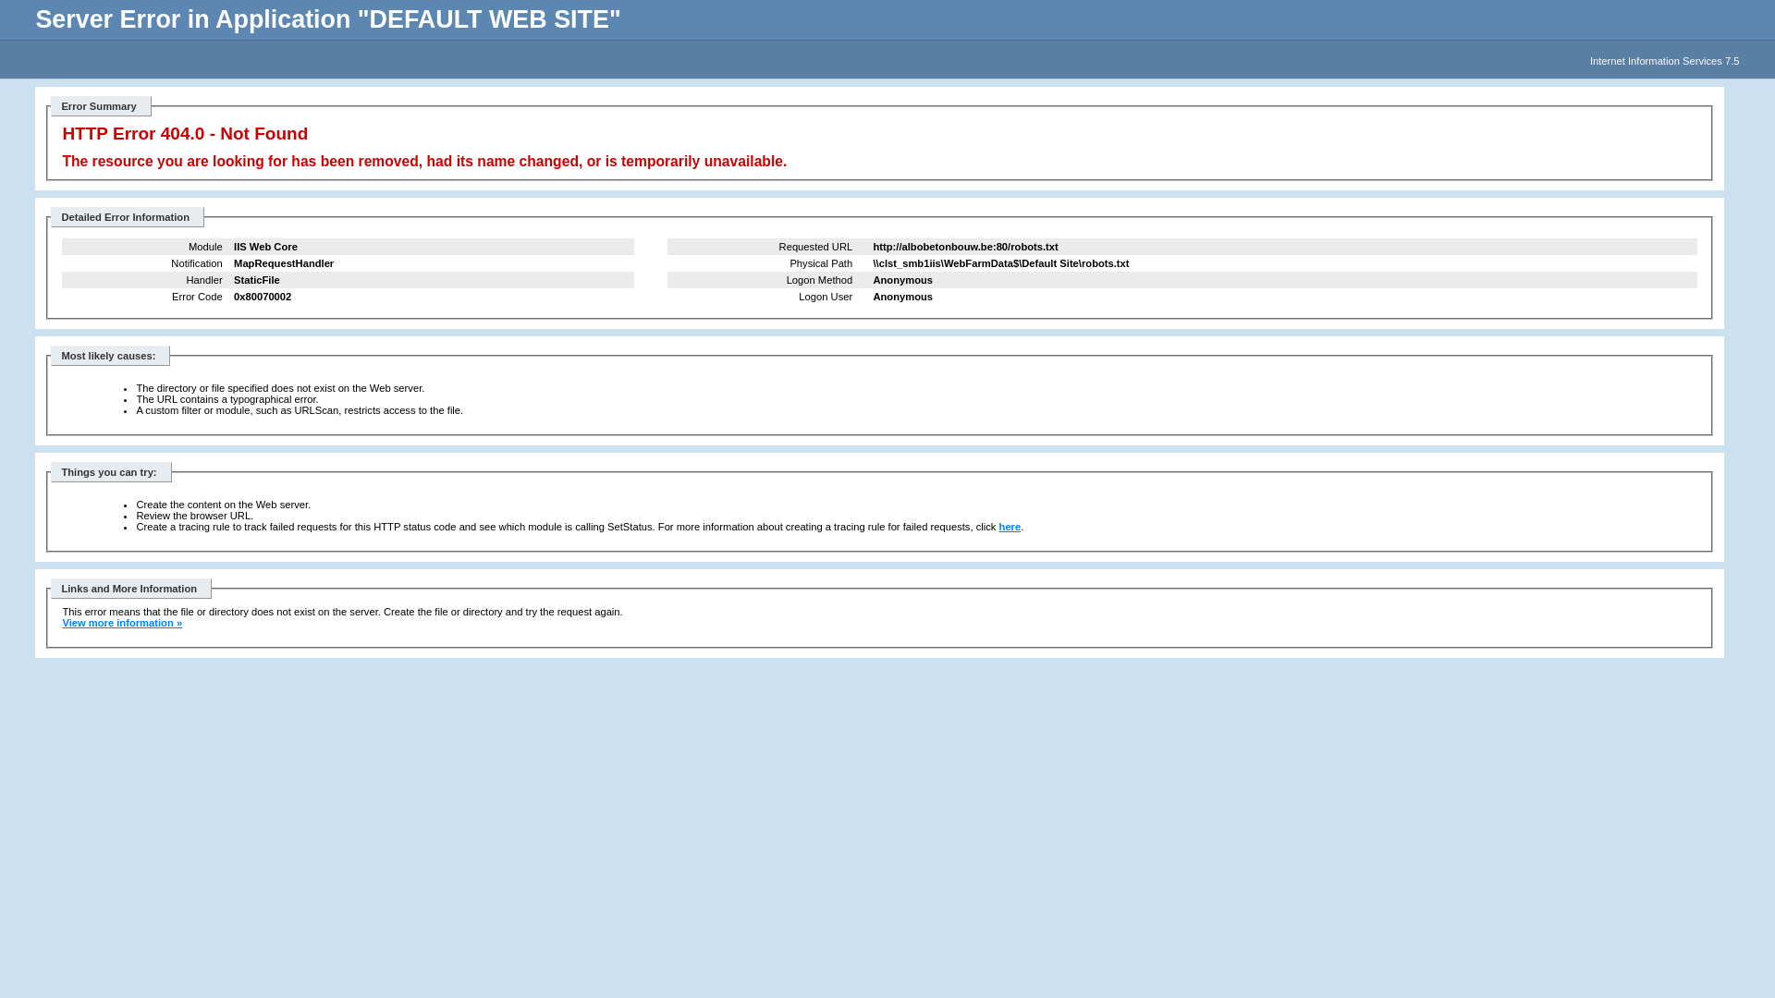 The image size is (1775, 998). I want to click on 'here', so click(998, 527).